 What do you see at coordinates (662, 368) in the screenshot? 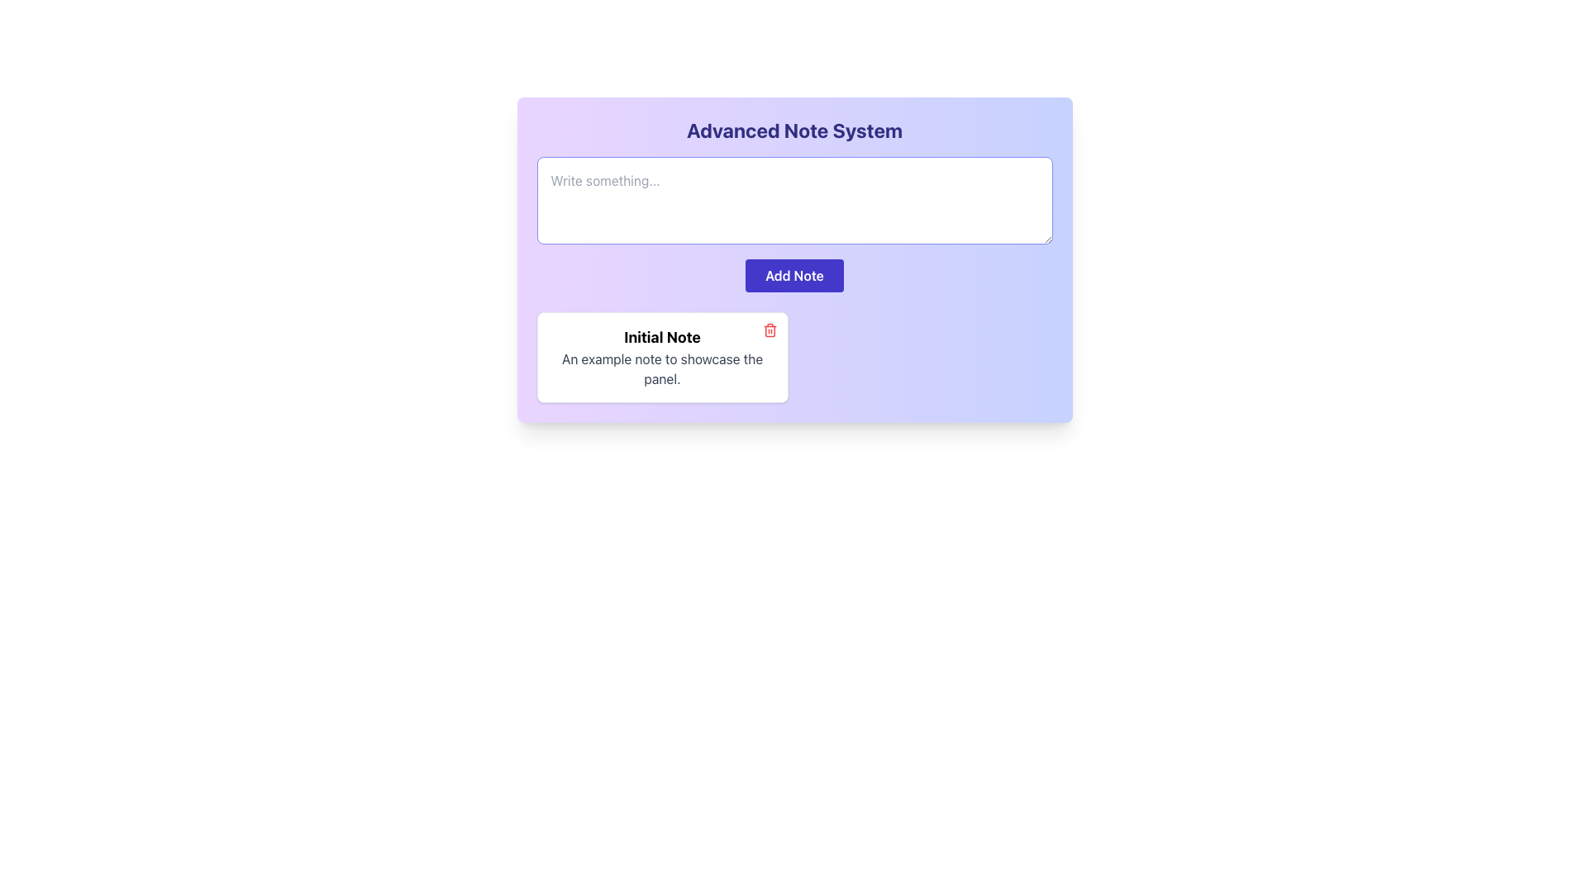
I see `the text label that reads 'An example note` at bounding box center [662, 368].